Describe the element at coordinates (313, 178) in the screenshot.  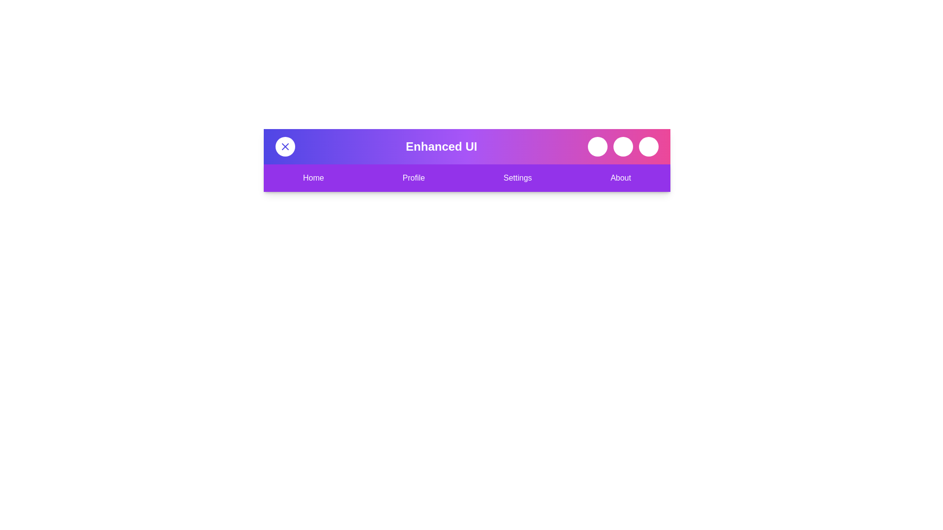
I see `the 'Home' button in the EnhancedAppBar to navigate to the Home section` at that location.